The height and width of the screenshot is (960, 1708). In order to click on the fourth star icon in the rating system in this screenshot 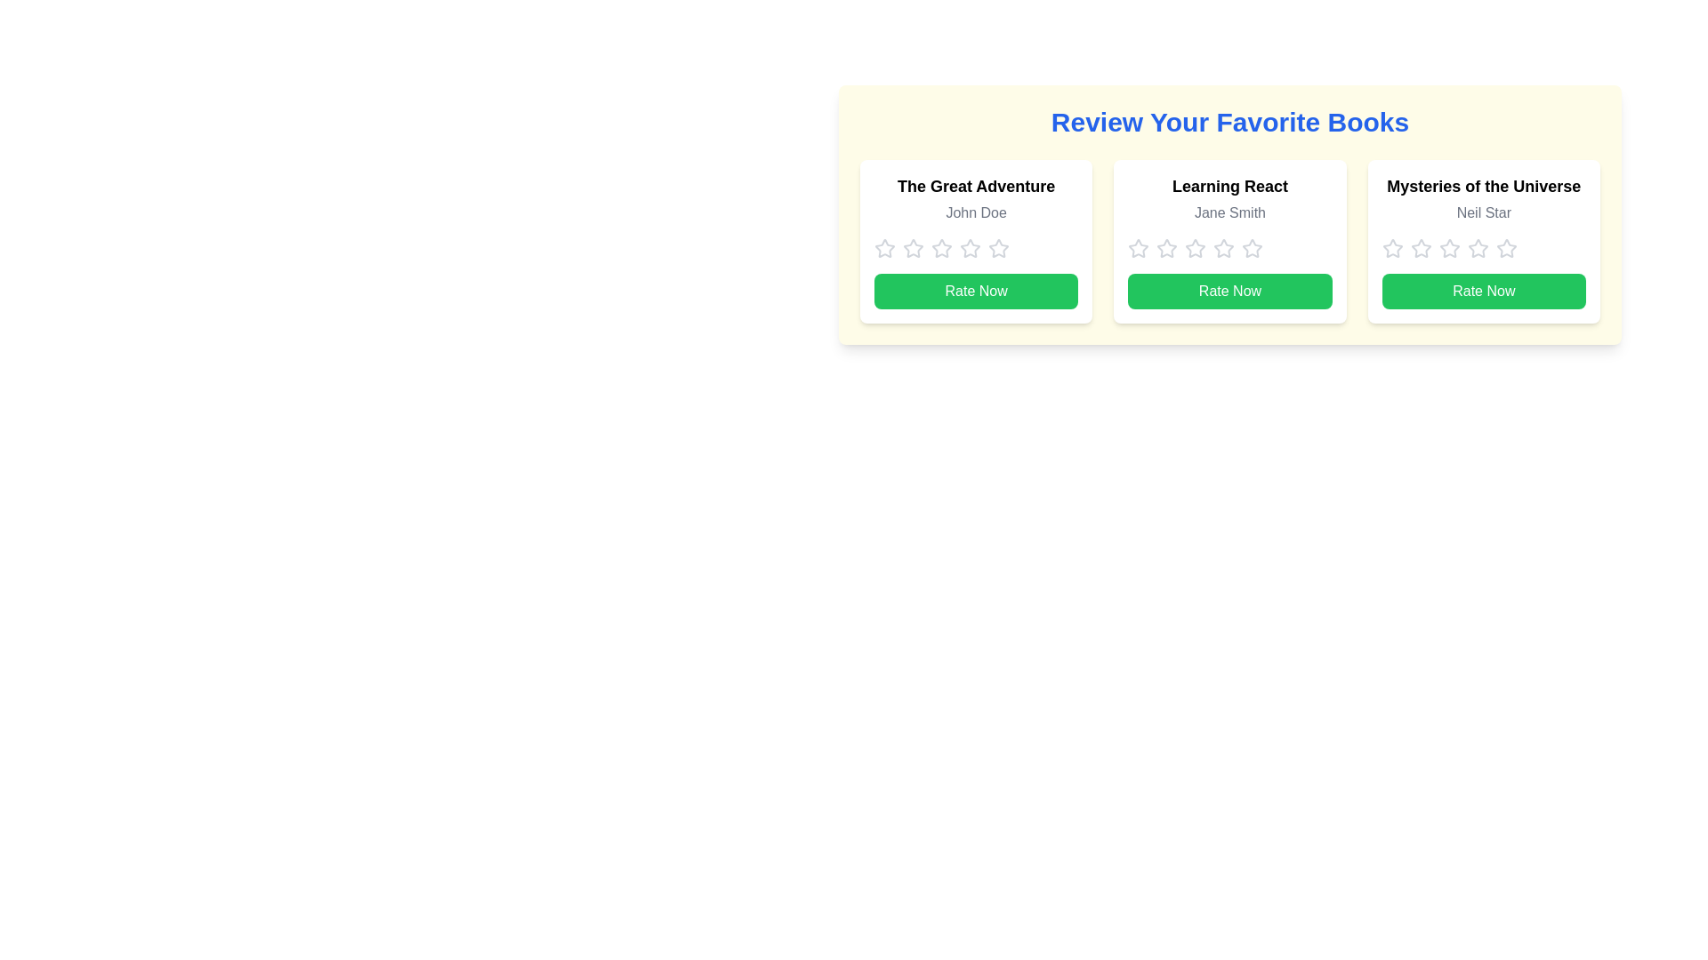, I will do `click(1505, 248)`.